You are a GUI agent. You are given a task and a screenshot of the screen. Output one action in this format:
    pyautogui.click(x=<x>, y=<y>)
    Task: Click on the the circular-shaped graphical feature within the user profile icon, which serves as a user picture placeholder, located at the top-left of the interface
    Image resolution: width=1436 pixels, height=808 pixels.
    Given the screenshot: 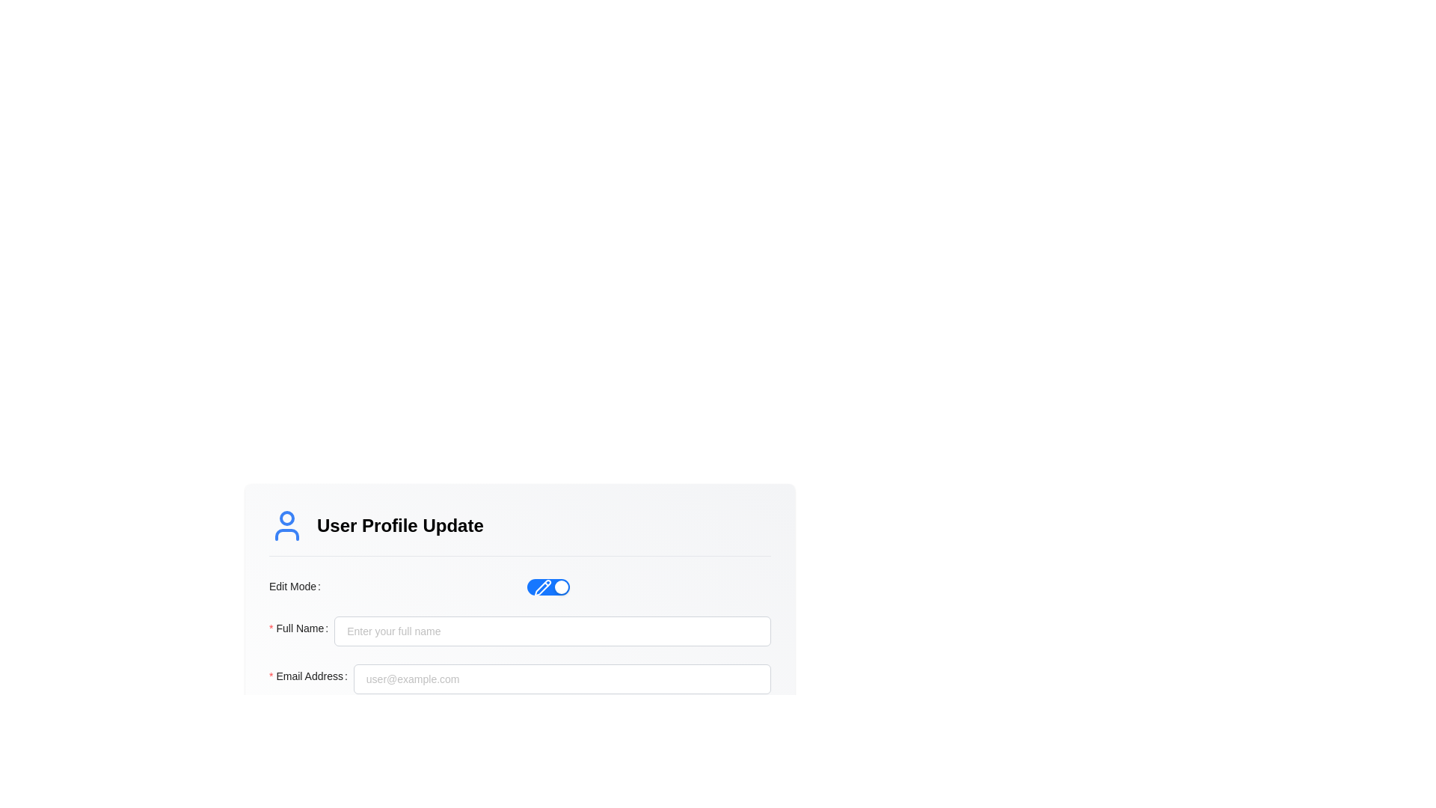 What is the action you would take?
    pyautogui.click(x=287, y=518)
    